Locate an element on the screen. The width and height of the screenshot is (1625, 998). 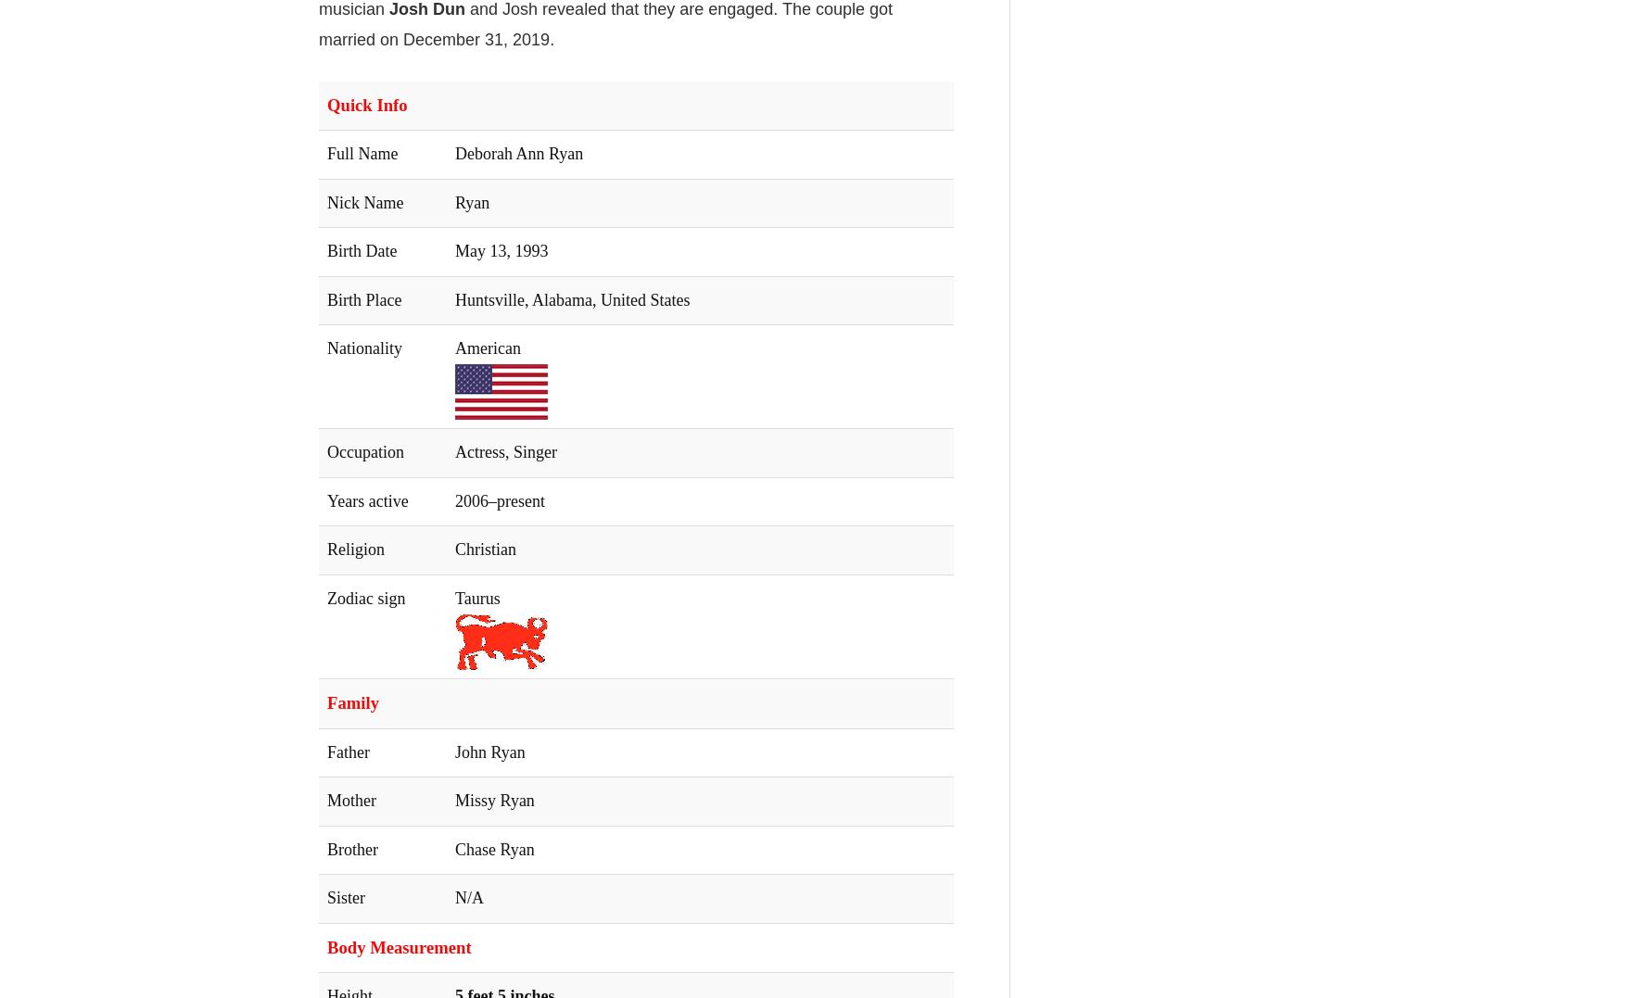
'Quick Info' is located at coordinates (367, 103).